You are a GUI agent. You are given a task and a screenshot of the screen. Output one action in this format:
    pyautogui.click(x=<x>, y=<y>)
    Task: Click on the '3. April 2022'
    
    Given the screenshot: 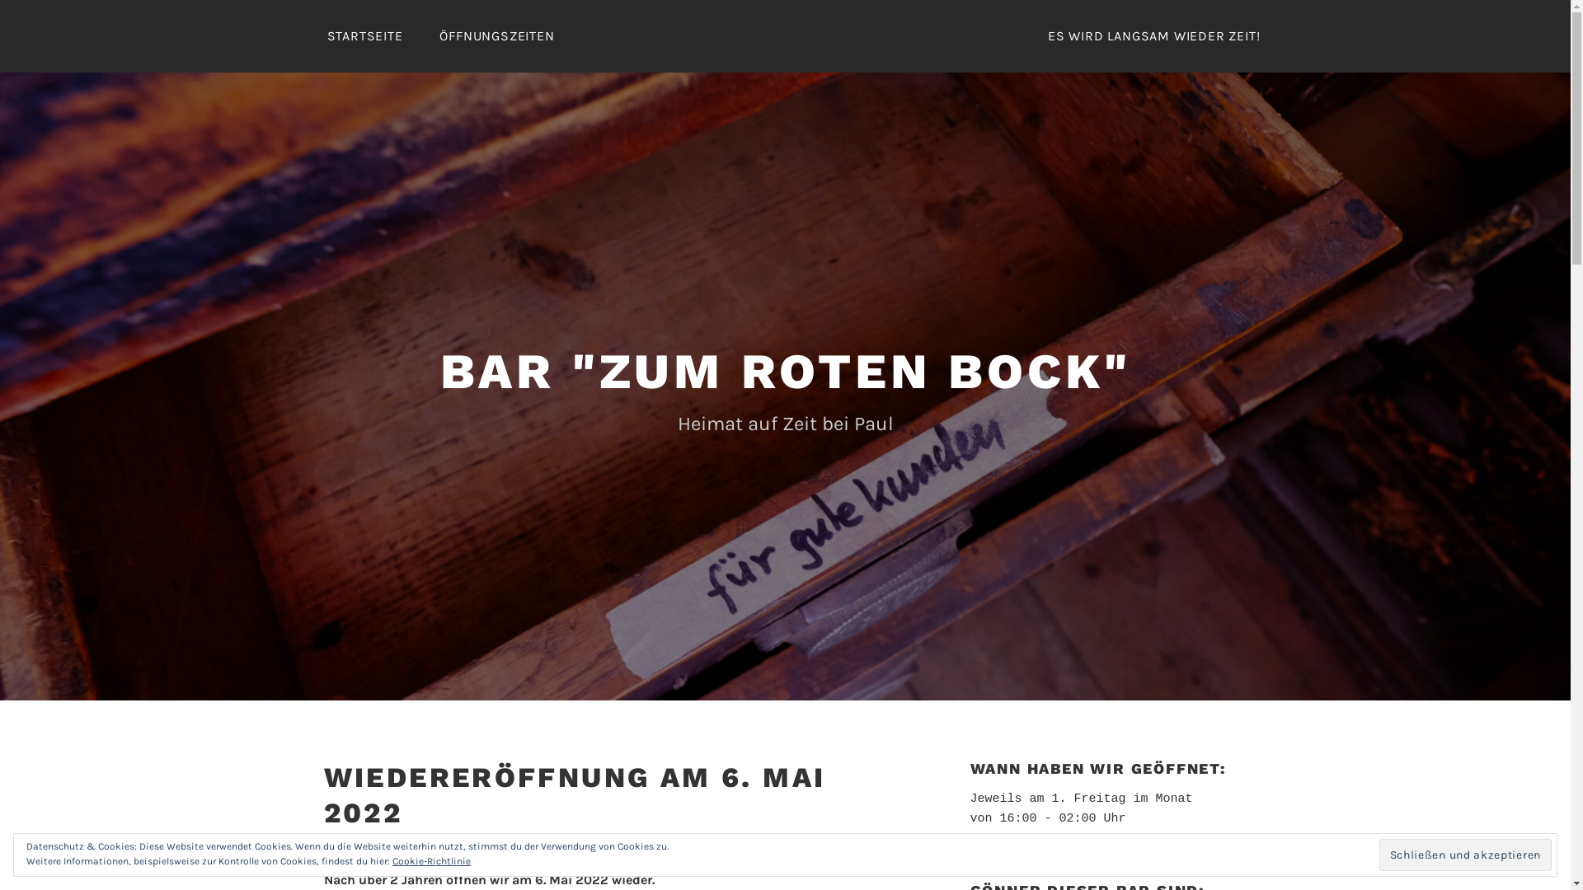 What is the action you would take?
    pyautogui.click(x=466, y=847)
    